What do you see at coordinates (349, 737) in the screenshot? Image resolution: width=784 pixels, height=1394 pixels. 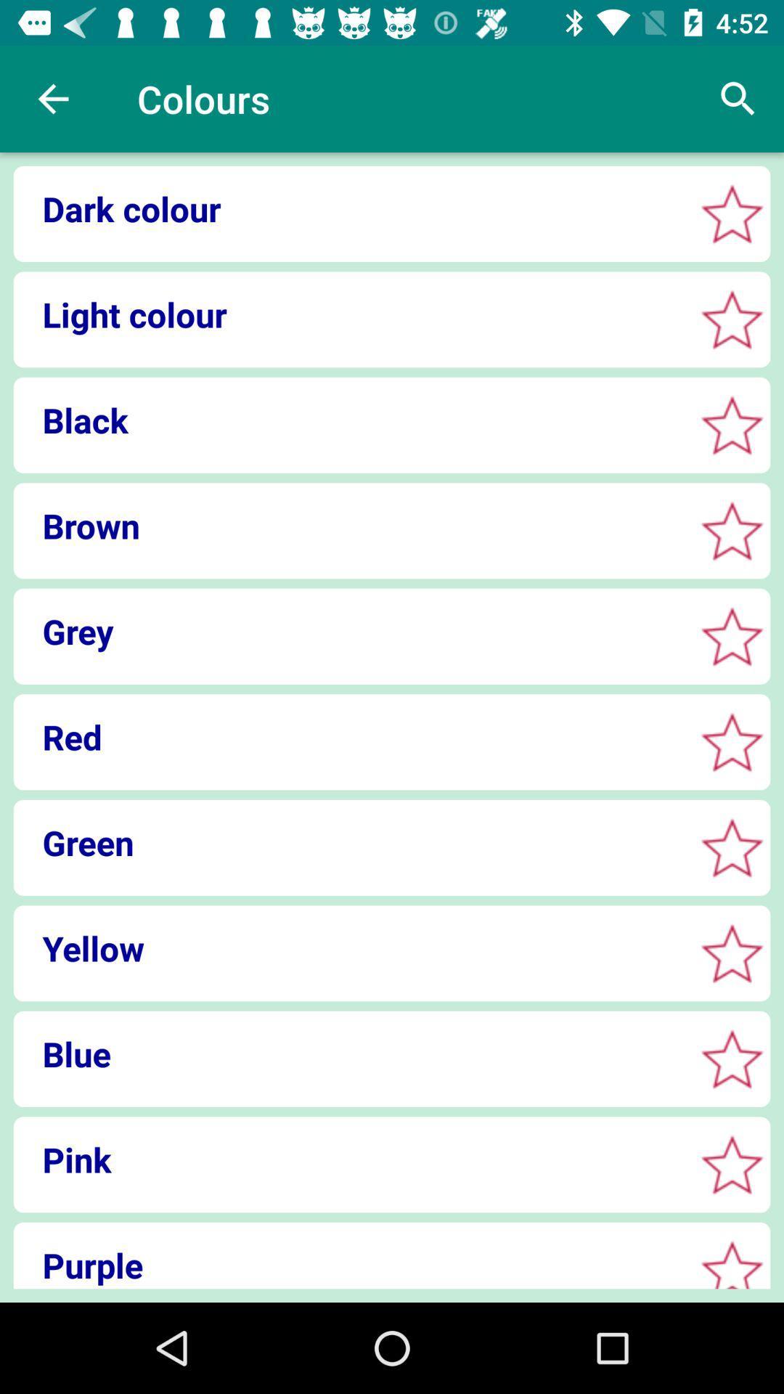 I see `red icon` at bounding box center [349, 737].